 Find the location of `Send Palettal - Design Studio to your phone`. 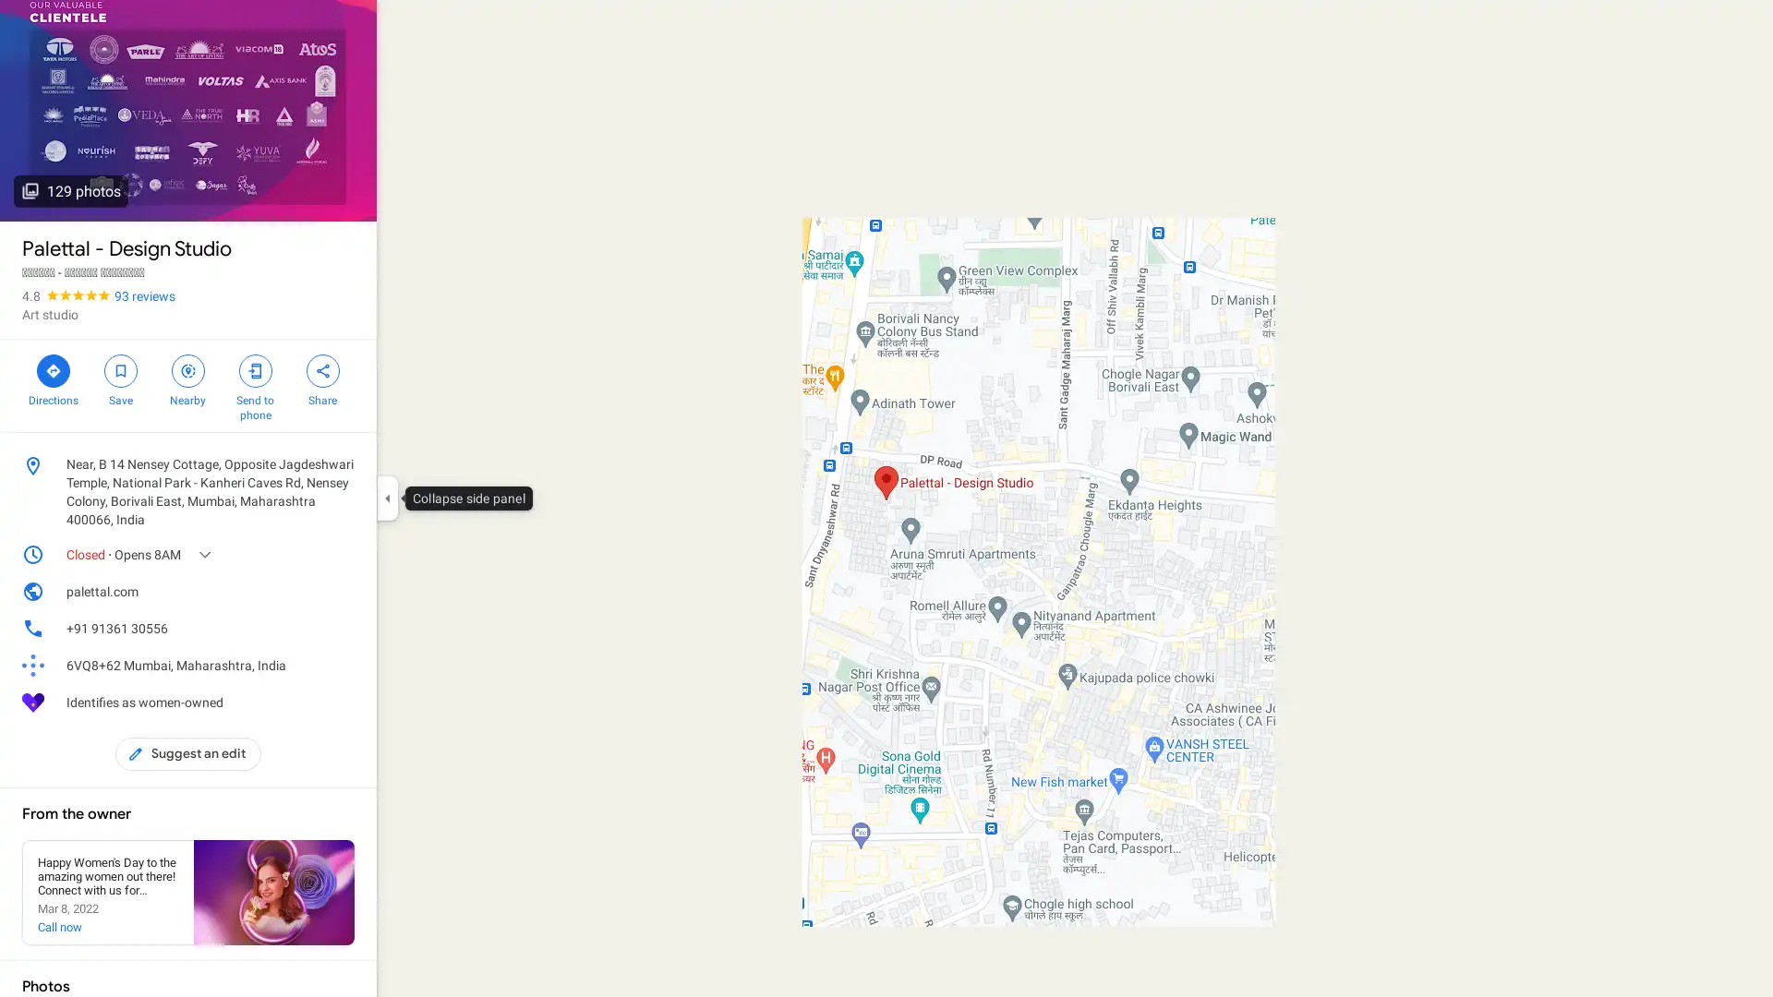

Send Palettal - Design Studio to your phone is located at coordinates (254, 384).